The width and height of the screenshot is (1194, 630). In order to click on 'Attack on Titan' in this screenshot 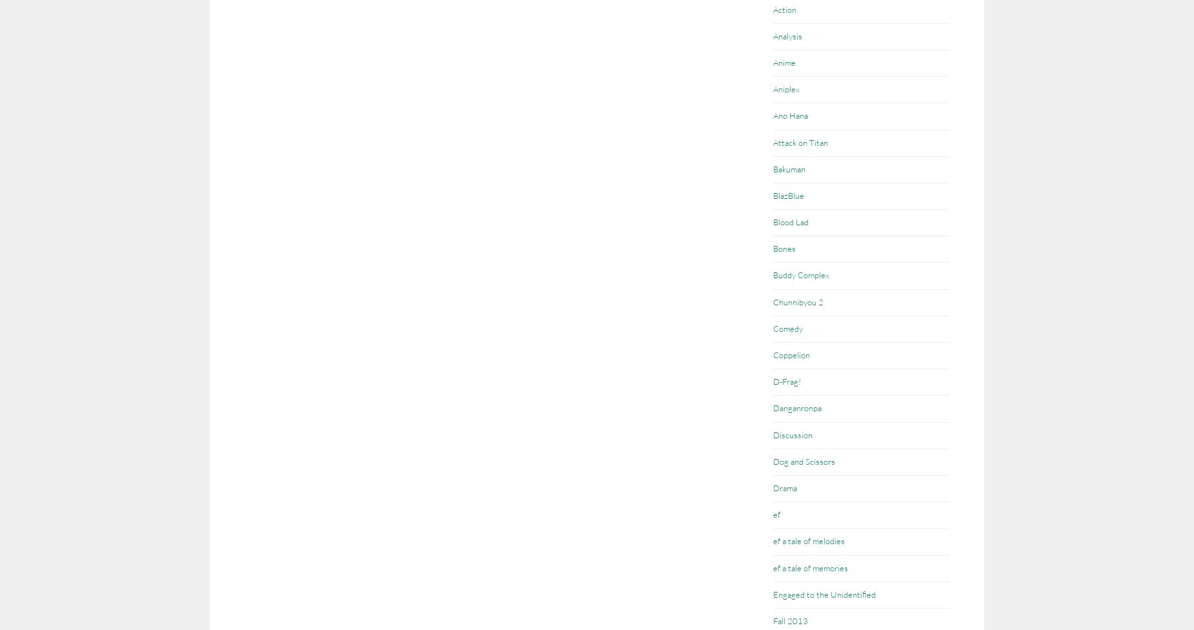, I will do `click(800, 141)`.